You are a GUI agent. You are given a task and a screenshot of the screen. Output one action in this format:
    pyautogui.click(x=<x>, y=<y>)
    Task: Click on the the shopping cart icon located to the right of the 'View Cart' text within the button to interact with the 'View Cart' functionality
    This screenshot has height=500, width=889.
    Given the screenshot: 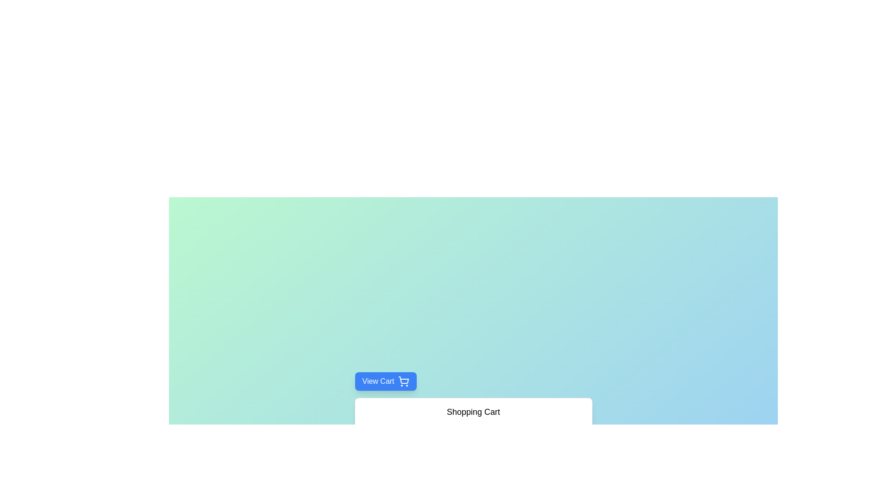 What is the action you would take?
    pyautogui.click(x=403, y=381)
    